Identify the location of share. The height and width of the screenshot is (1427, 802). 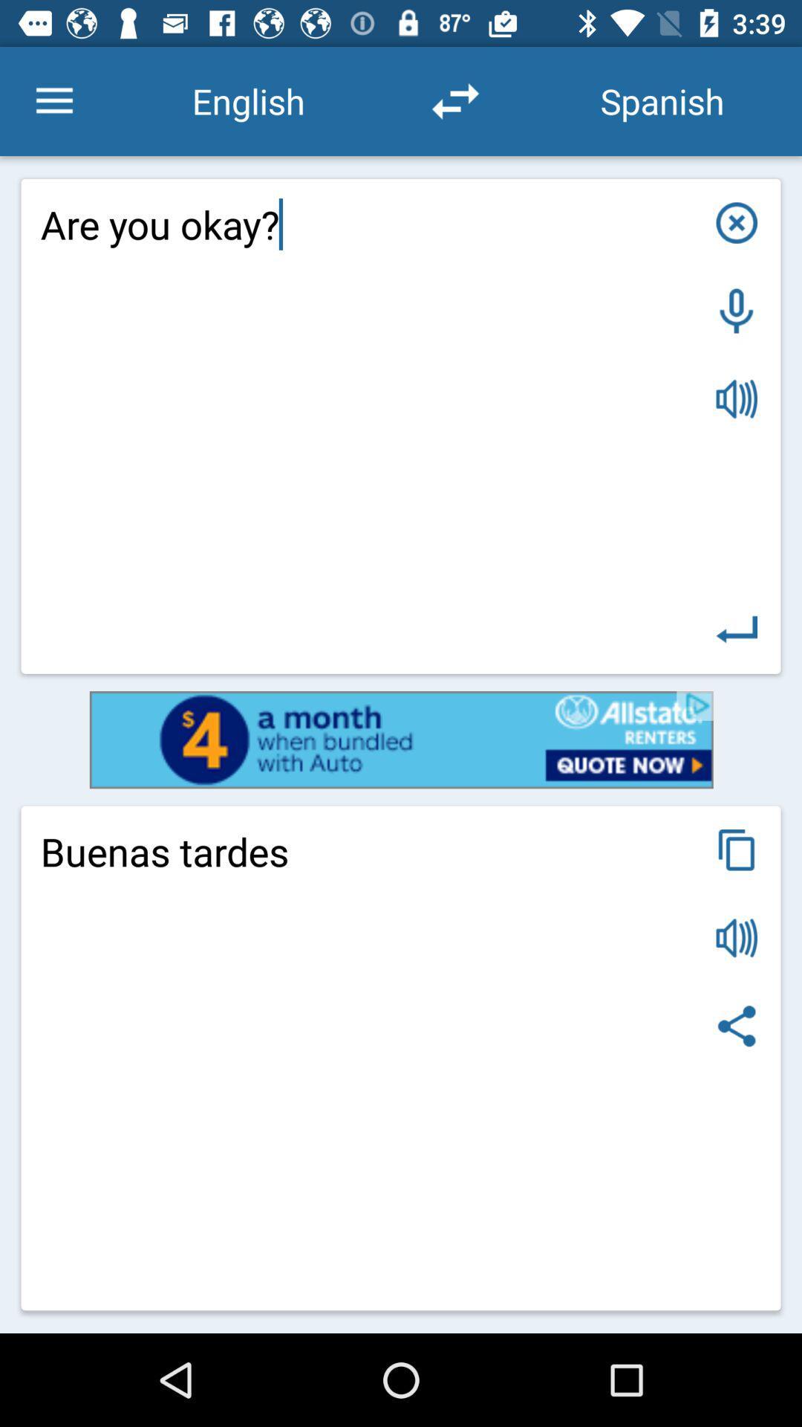
(737, 1025).